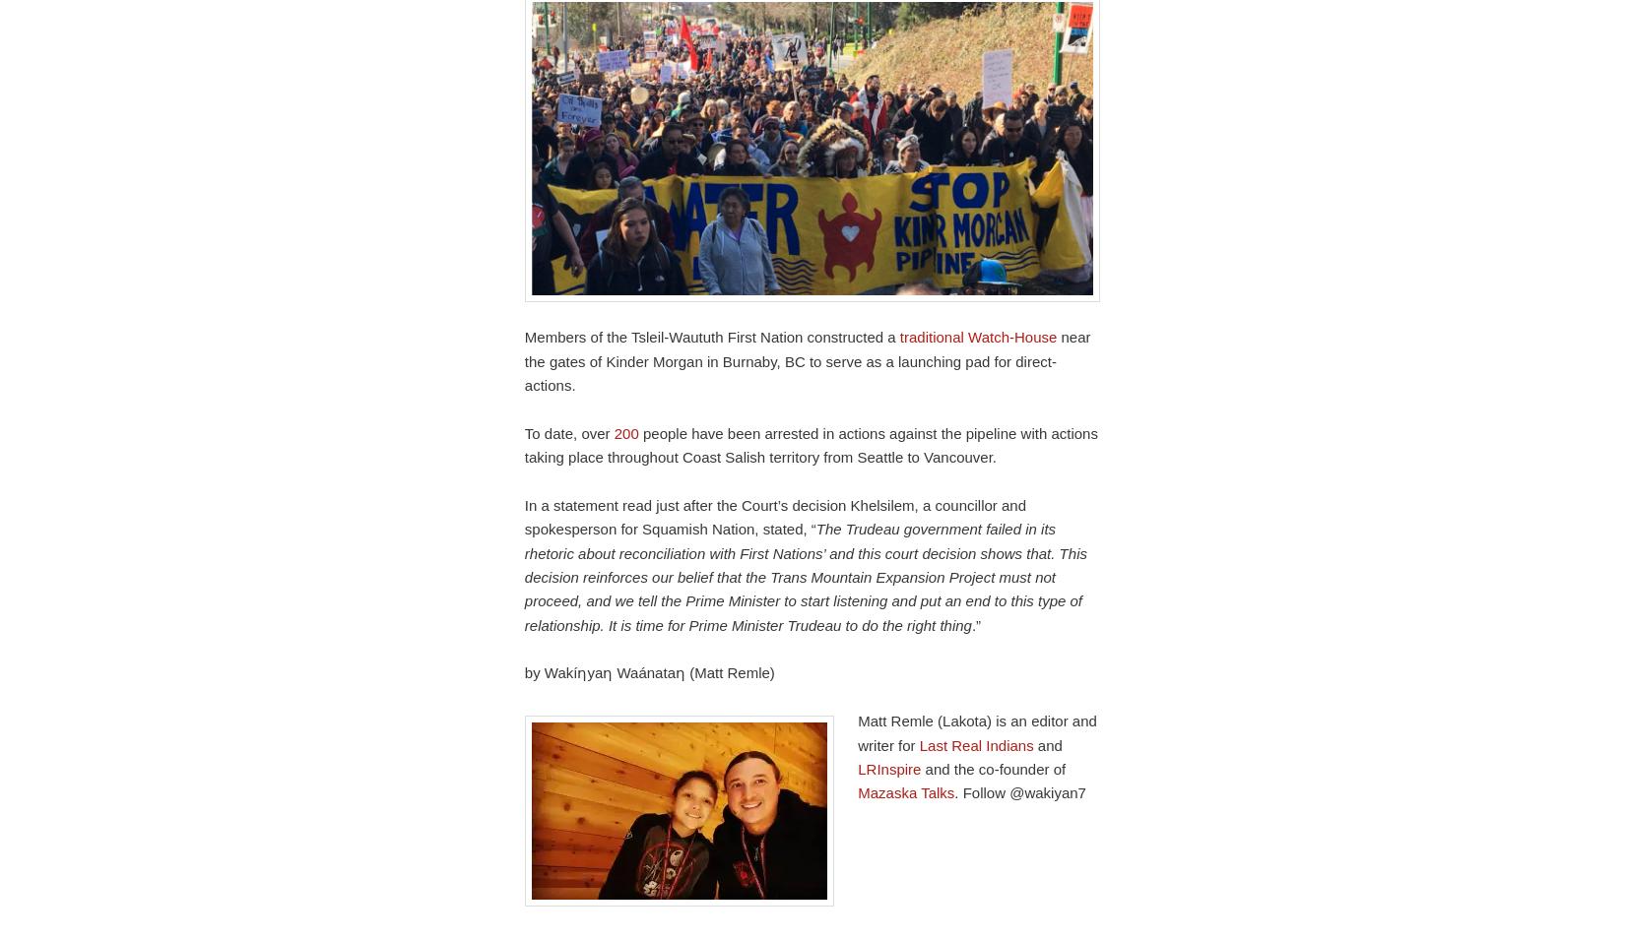 This screenshot has height=940, width=1625. I want to click on 'Last Real Indians', so click(975, 743).